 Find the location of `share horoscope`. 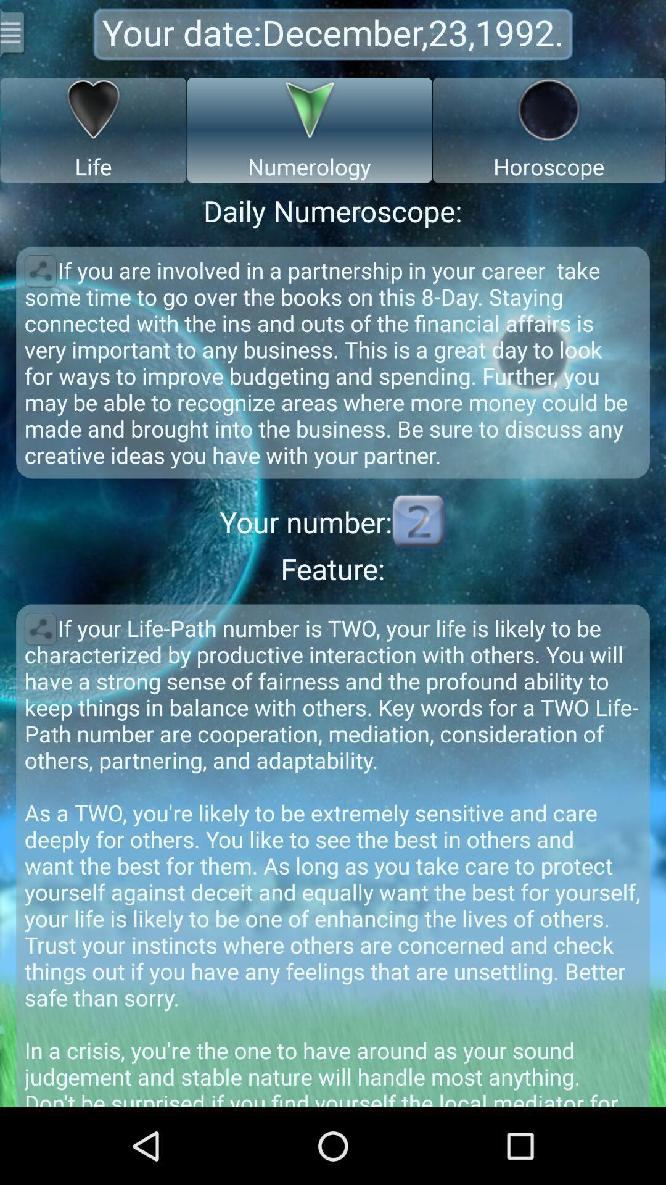

share horoscope is located at coordinates (39, 270).